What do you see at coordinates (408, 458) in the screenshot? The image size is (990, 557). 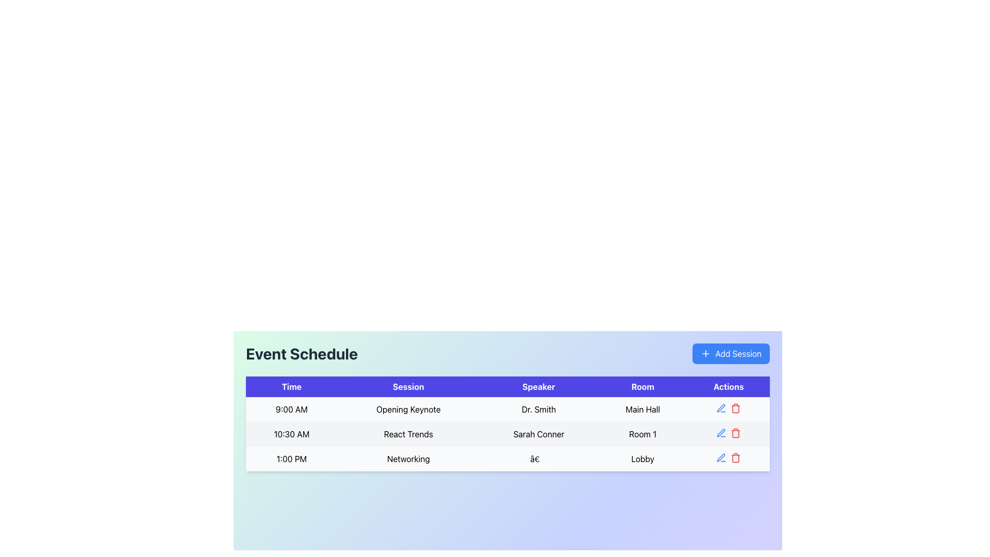 I see `text displayed in the text label 'Networking' located in the third row and second column of the schedule table under the 'Session' header` at bounding box center [408, 458].